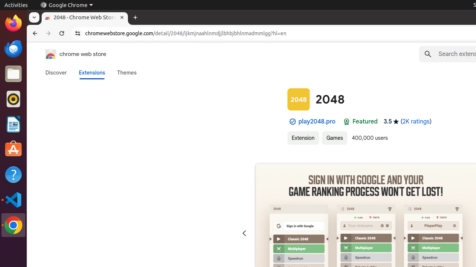 The height and width of the screenshot is (267, 476). What do you see at coordinates (56, 72) in the screenshot?
I see `'Discover'` at bounding box center [56, 72].